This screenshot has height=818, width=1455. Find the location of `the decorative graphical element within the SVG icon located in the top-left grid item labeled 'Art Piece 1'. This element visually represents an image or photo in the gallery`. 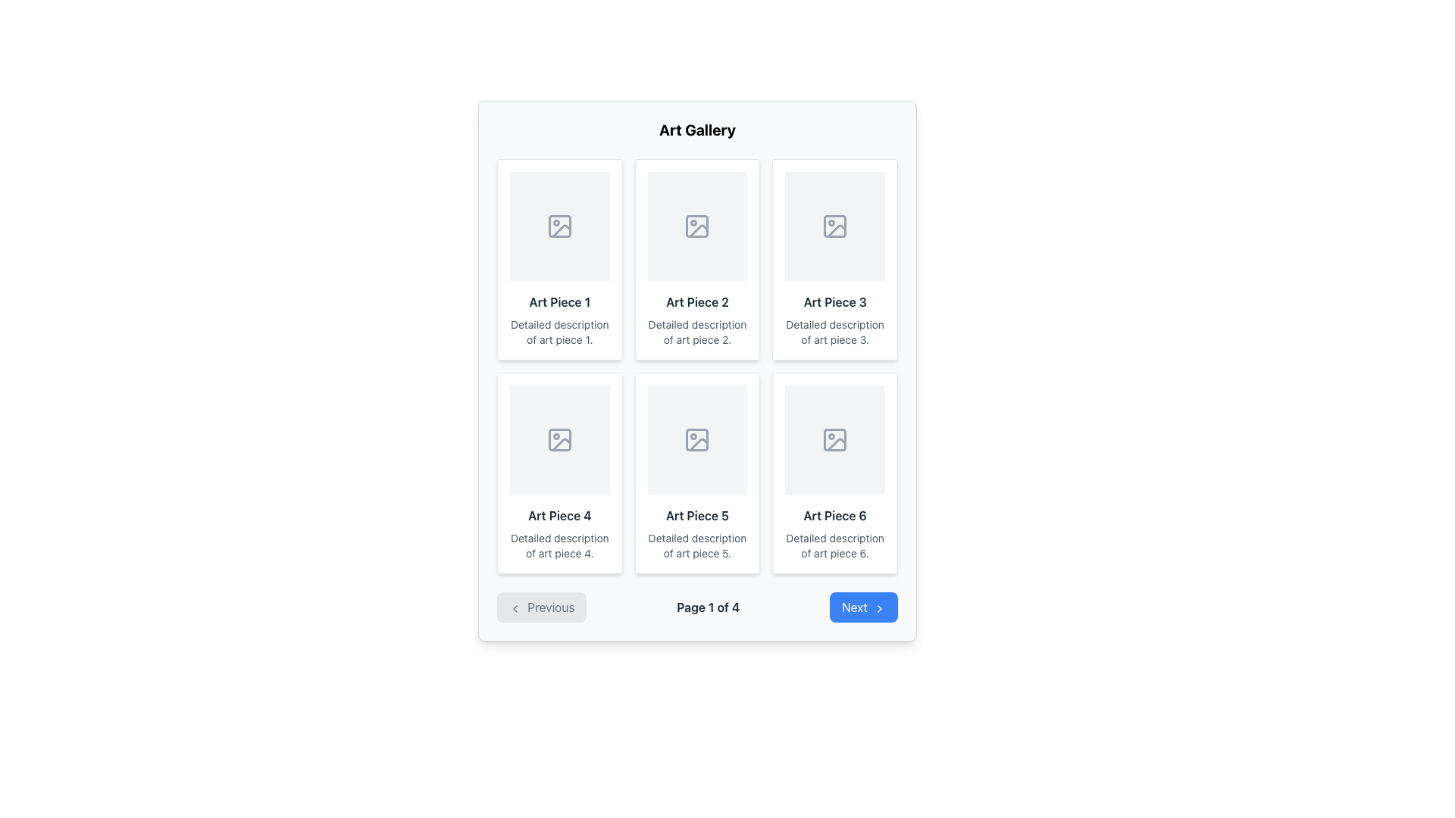

the decorative graphical element within the SVG icon located in the top-left grid item labeled 'Art Piece 1'. This element visually represents an image or photo in the gallery is located at coordinates (561, 231).